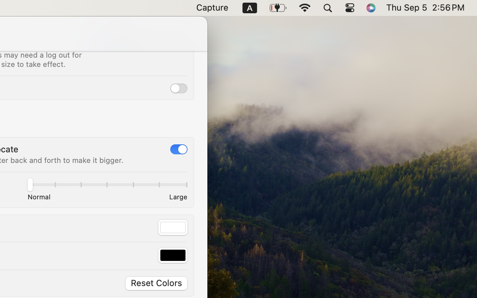 The height and width of the screenshot is (298, 477). I want to click on '1.0', so click(107, 185).